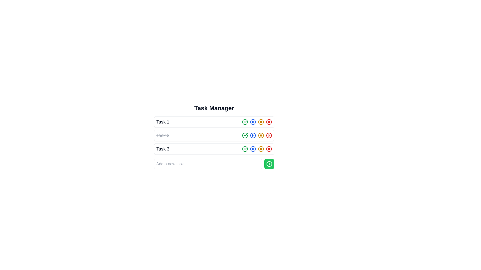 Image resolution: width=481 pixels, height=270 pixels. What do you see at coordinates (253, 122) in the screenshot?
I see `the circular blue play button located to the right of 'Task 1' under the 'Task Manager' header` at bounding box center [253, 122].